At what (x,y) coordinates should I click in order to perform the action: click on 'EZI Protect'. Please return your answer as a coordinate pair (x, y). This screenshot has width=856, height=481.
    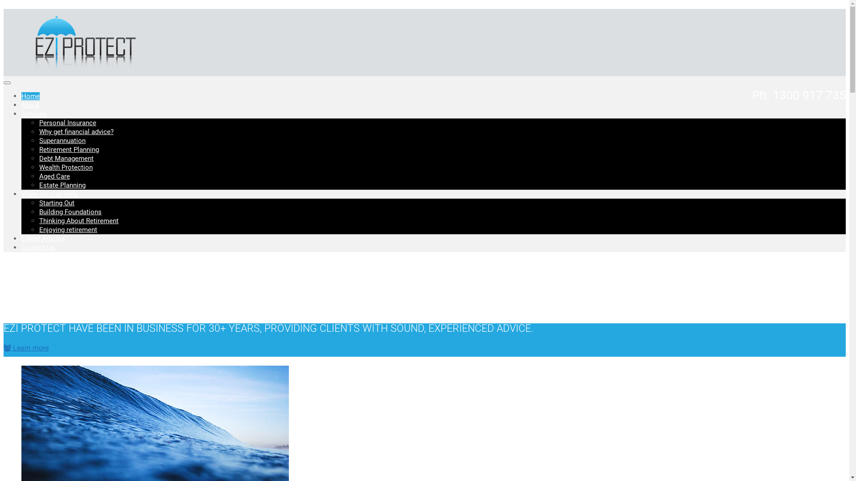
    Looking at the image, I should click on (82, 71).